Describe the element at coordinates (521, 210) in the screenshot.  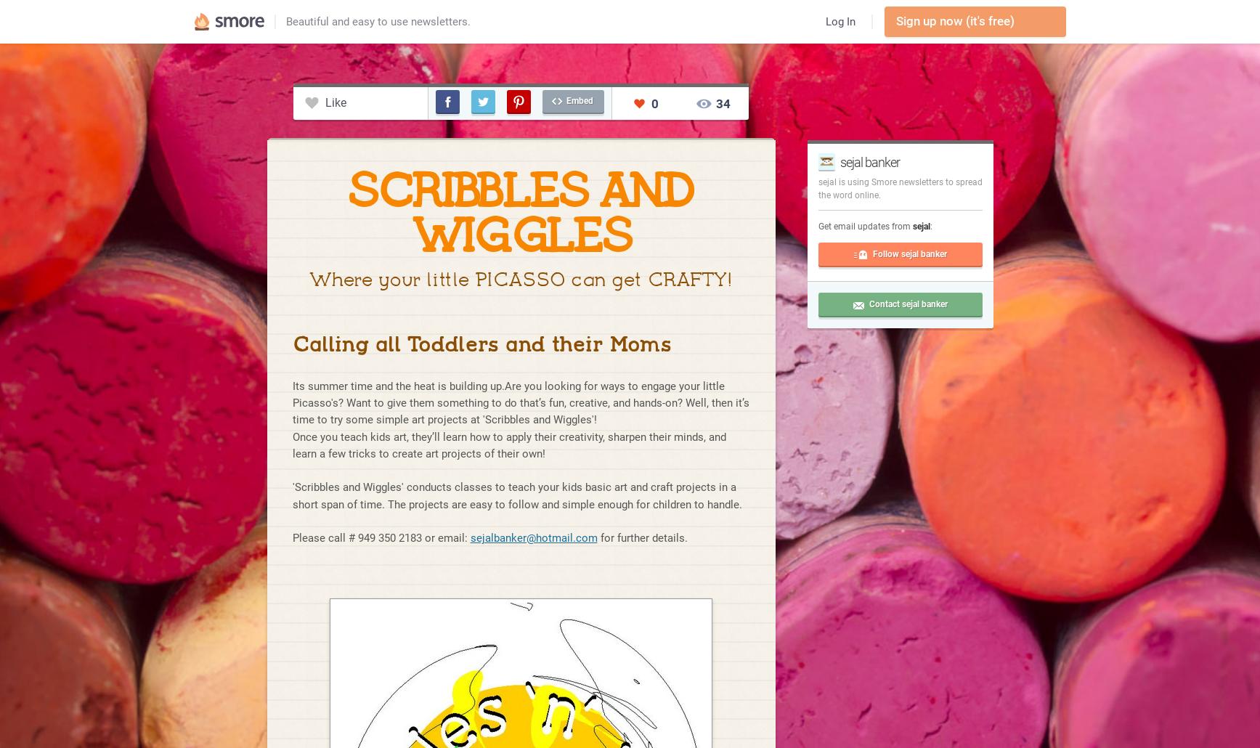
I see `'SCRIBBLES AND WIGGLES'` at that location.